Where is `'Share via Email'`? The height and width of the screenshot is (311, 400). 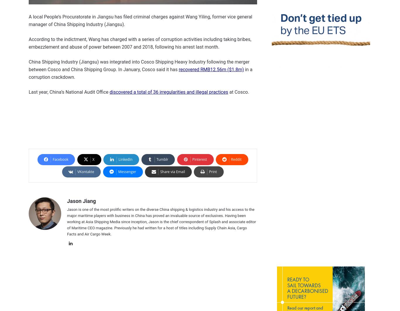 'Share via Email' is located at coordinates (172, 172).